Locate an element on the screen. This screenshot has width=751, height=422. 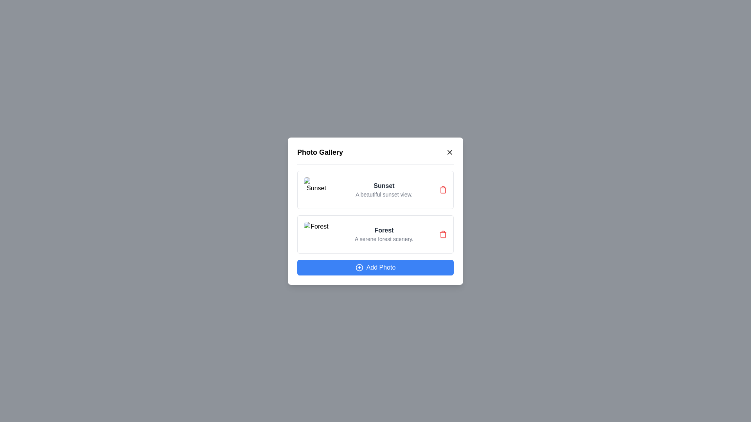
the first list item titled 'Sunset' is located at coordinates (375, 190).